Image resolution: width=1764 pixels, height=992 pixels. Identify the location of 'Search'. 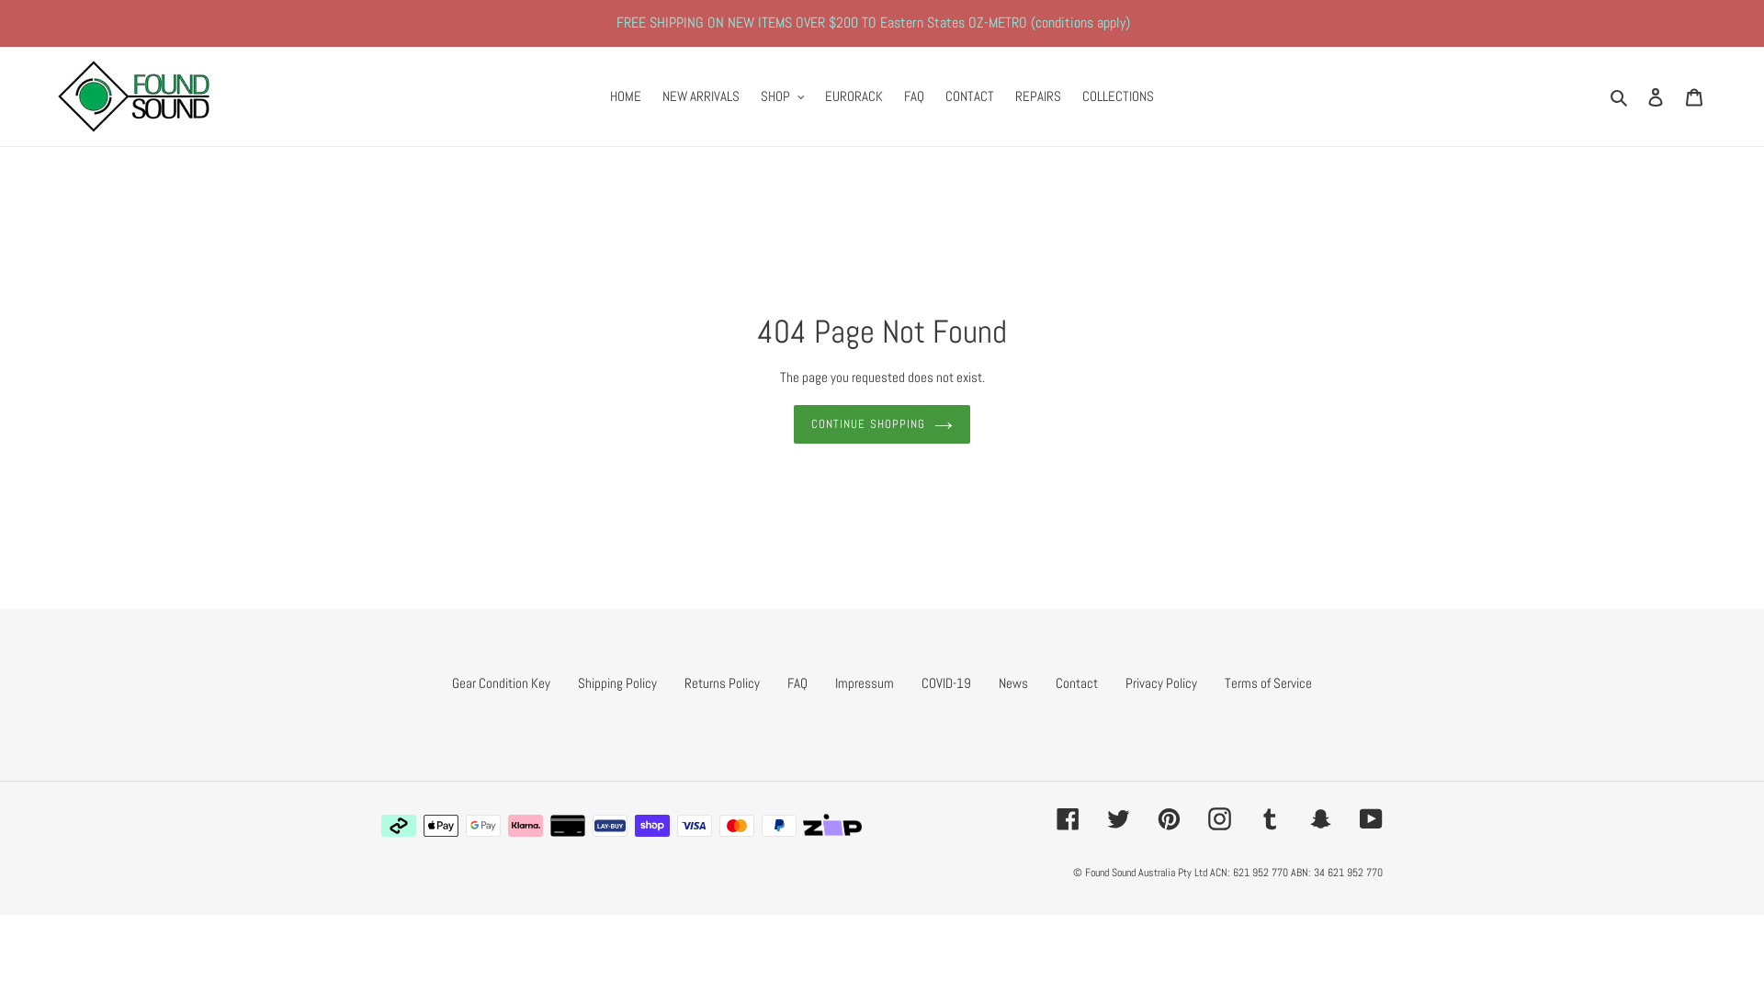
(1620, 96).